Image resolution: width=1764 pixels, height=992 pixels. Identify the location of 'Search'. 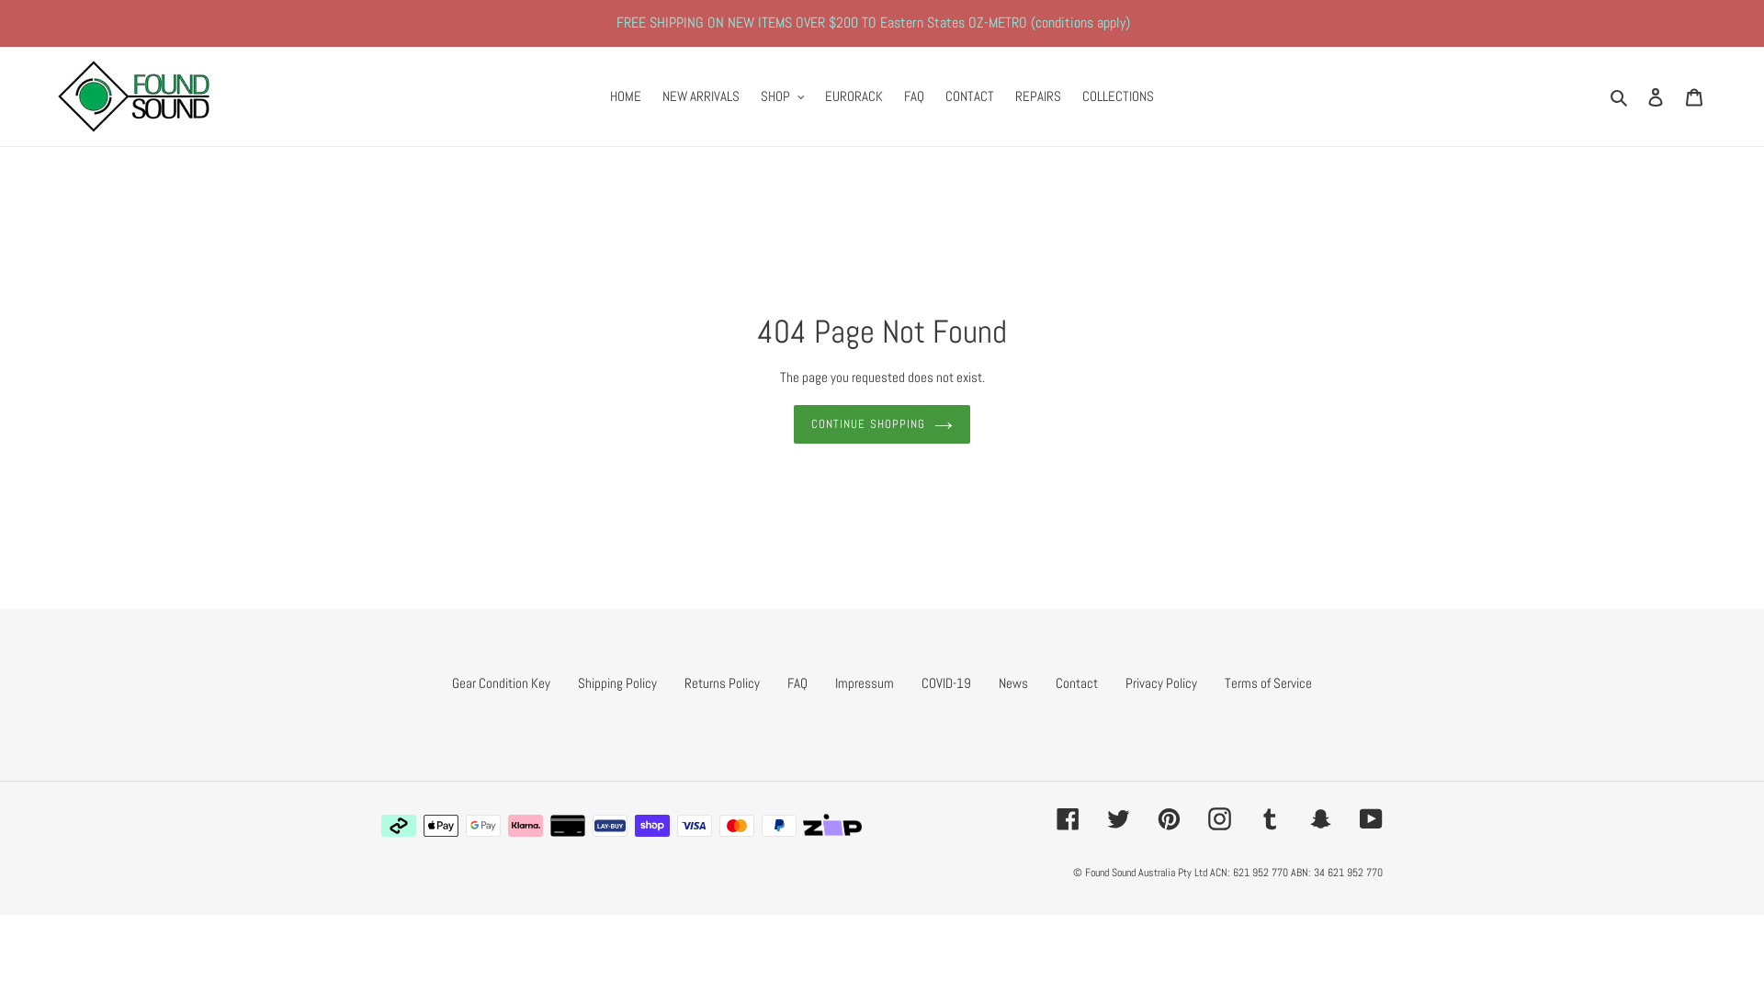
(1620, 96).